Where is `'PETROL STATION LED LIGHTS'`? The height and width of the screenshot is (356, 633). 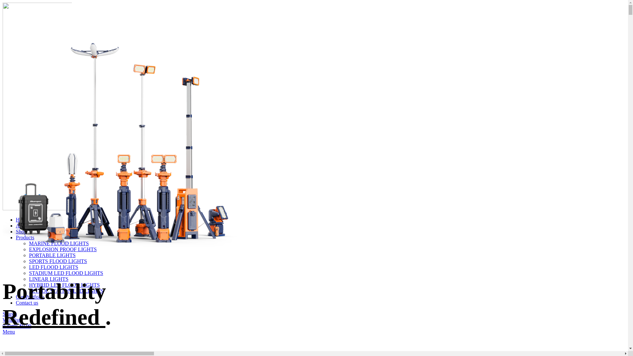
'PETROL STATION LED LIGHTS' is located at coordinates (28, 290).